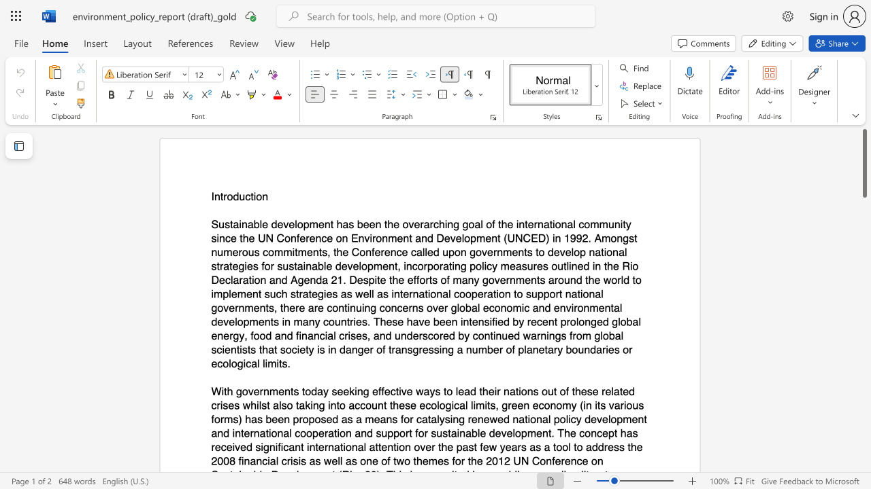 The image size is (871, 489). Describe the element at coordinates (864, 345) in the screenshot. I see `the scrollbar to move the page downward` at that location.